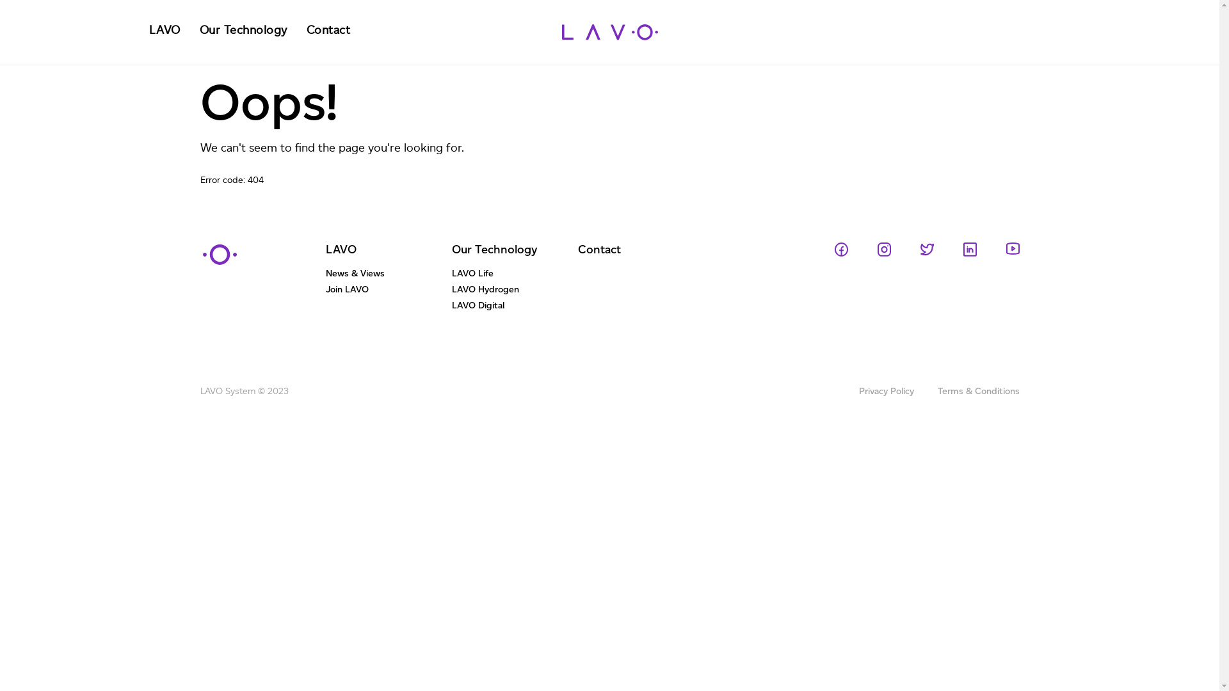  I want to click on 'LAVO Hydrogen', so click(515, 292).